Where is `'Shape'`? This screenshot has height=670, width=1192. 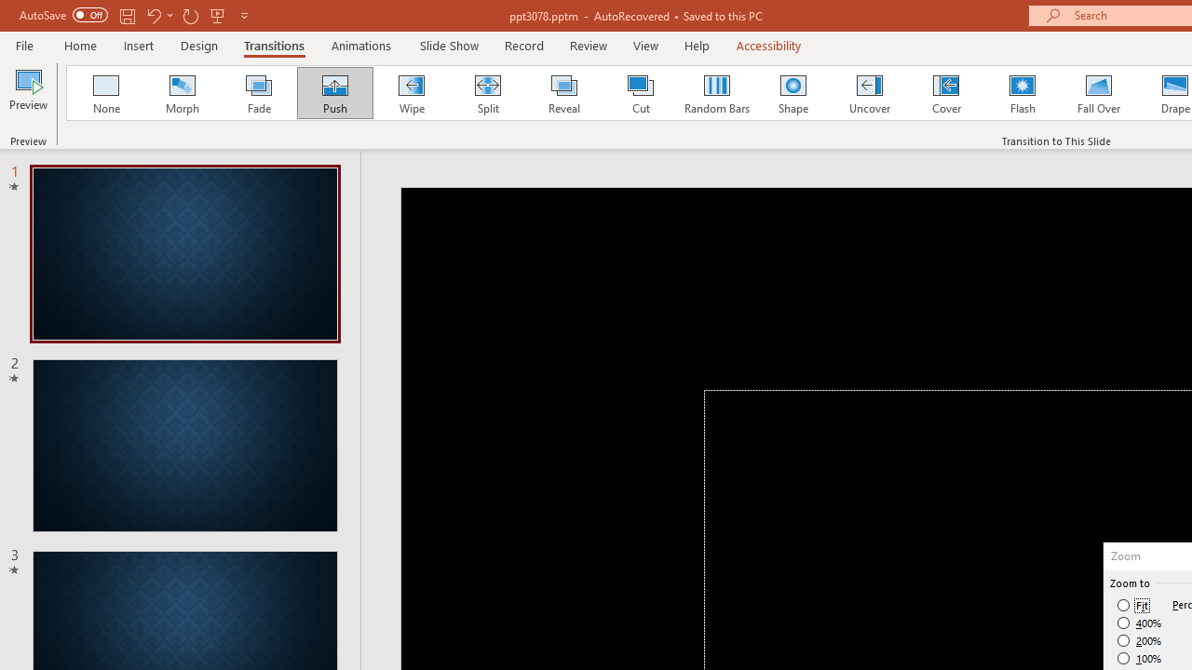
'Shape' is located at coordinates (793, 93).